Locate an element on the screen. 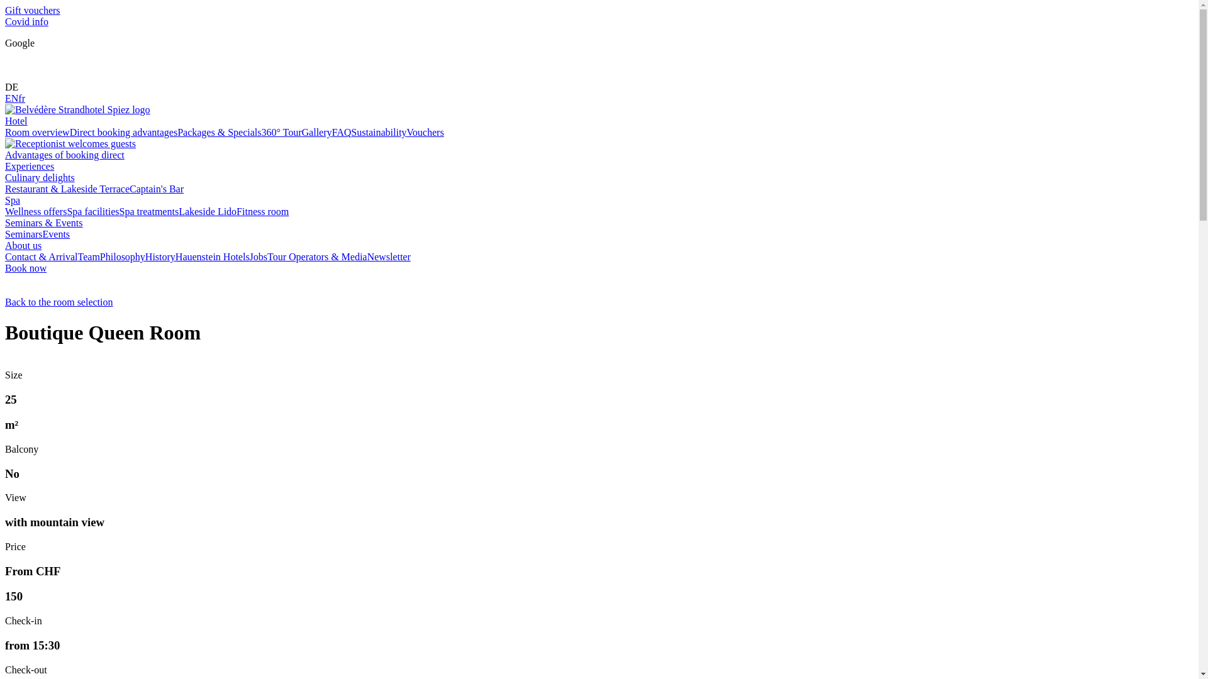 This screenshot has width=1208, height=679. 'Restaurant & Lakeside Terrace' is located at coordinates (66, 189).